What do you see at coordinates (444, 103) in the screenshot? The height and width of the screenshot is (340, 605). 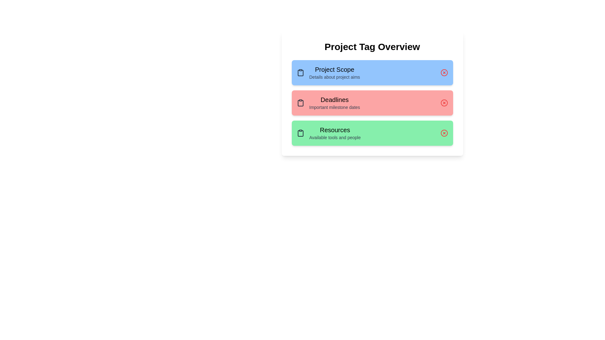 I see `the delete button for the tag labeled 'Deadlines' to remove it` at bounding box center [444, 103].